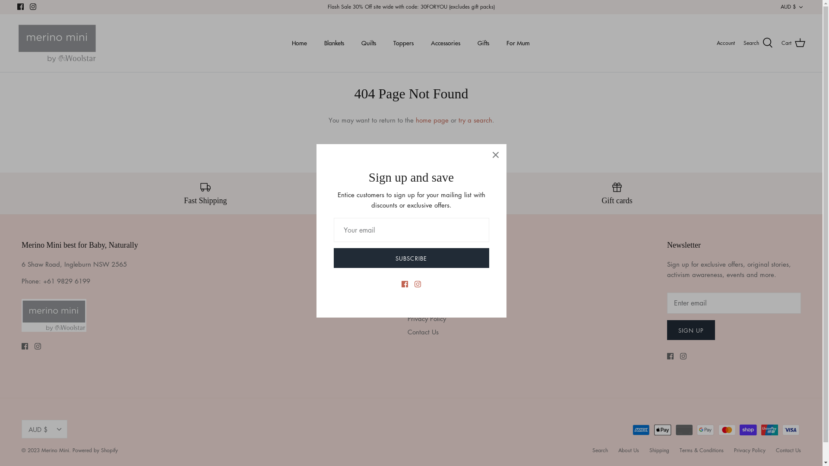 The height and width of the screenshot is (466, 829). Describe the element at coordinates (446, 43) in the screenshot. I see `'Accessories'` at that location.